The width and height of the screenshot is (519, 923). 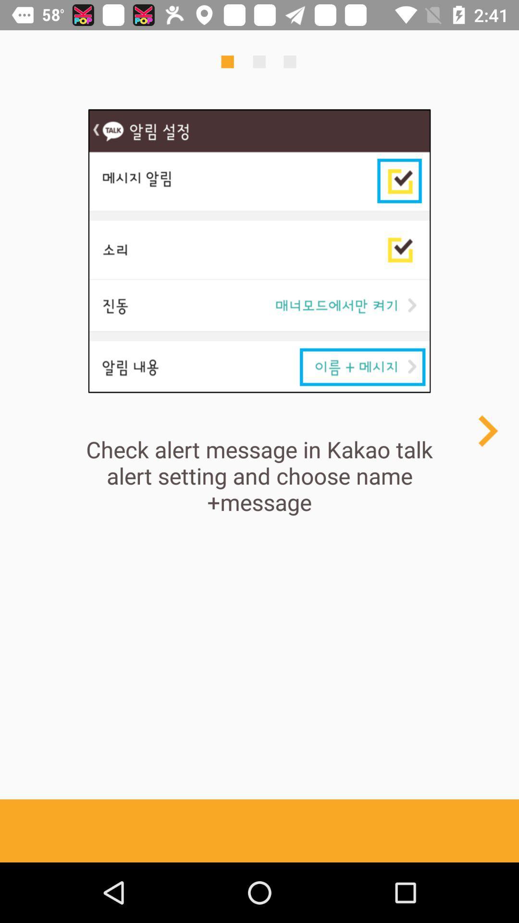 I want to click on forward, so click(x=487, y=430).